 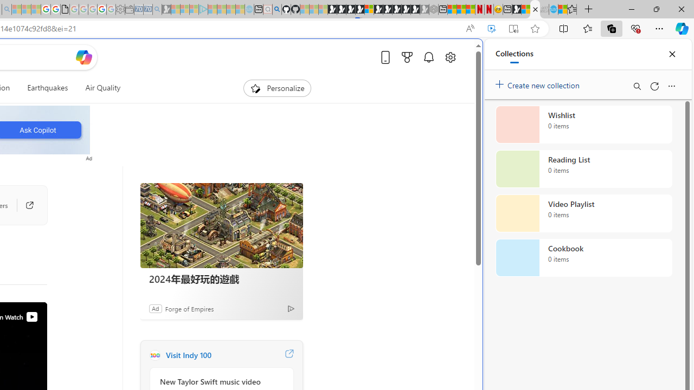 I want to click on 'More options menu', so click(x=671, y=86).